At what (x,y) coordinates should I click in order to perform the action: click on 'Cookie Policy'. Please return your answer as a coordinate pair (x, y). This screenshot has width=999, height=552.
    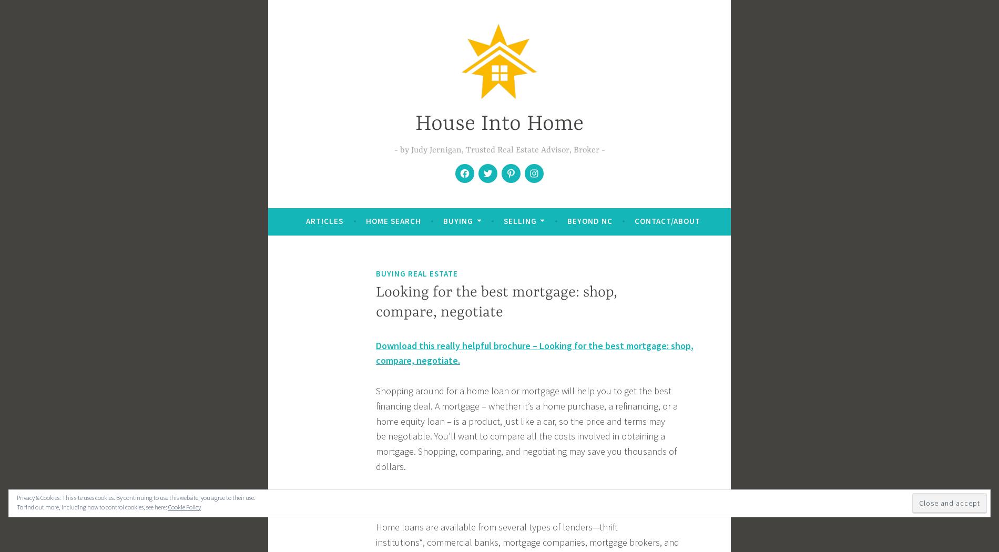
    Looking at the image, I should click on (167, 506).